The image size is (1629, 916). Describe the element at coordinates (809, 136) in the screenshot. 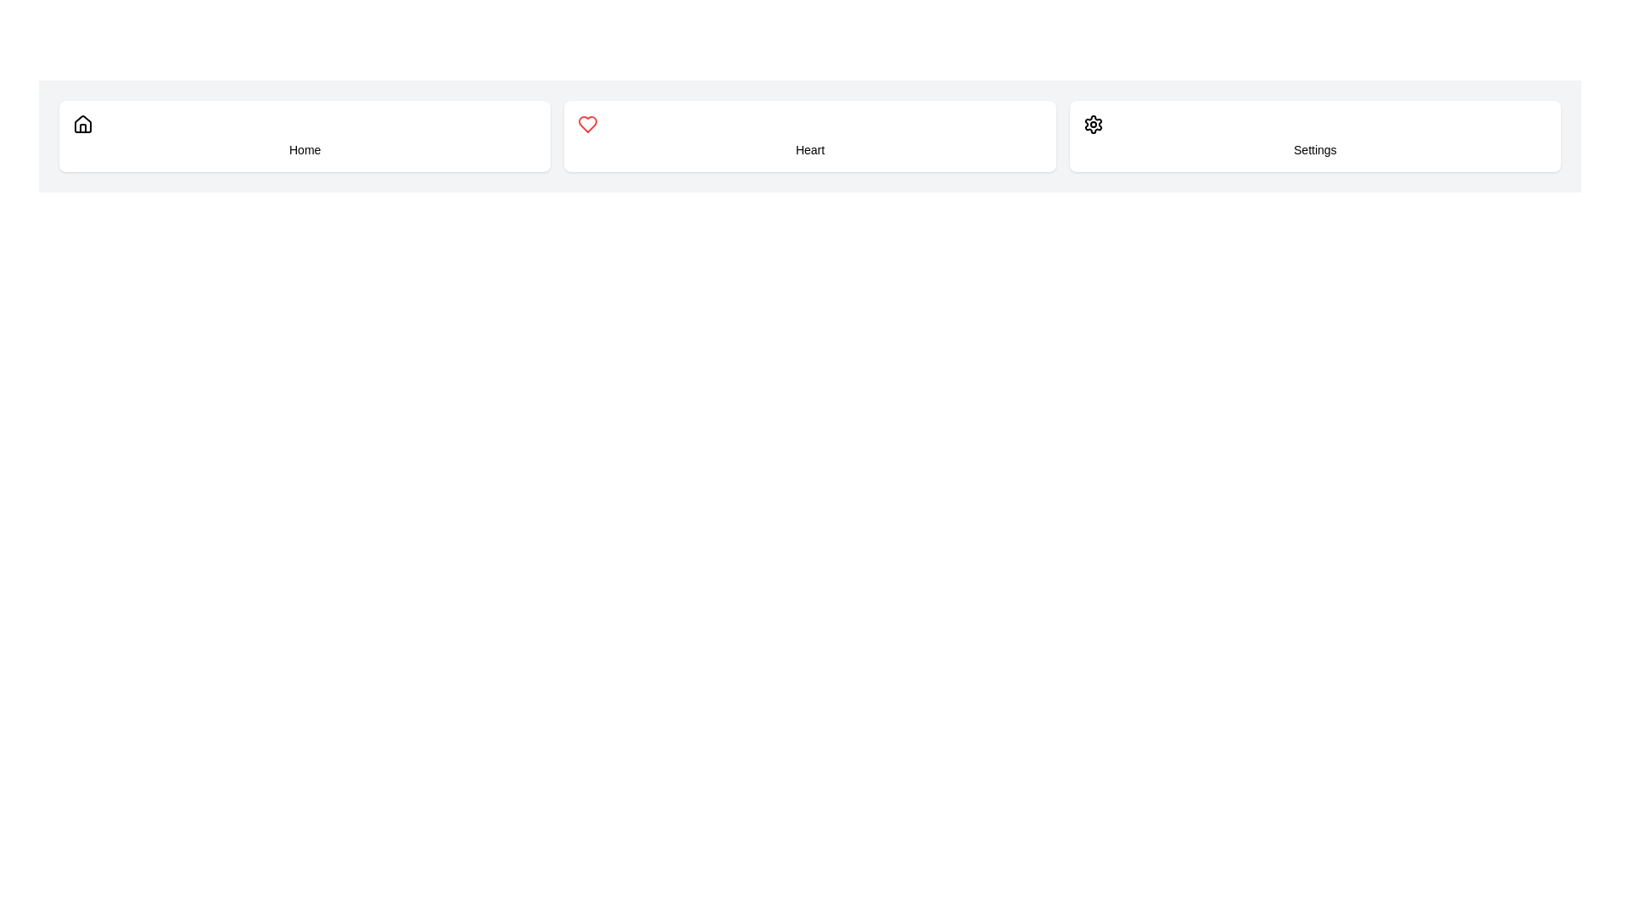

I see `the Heart button using keyboard navigation` at that location.